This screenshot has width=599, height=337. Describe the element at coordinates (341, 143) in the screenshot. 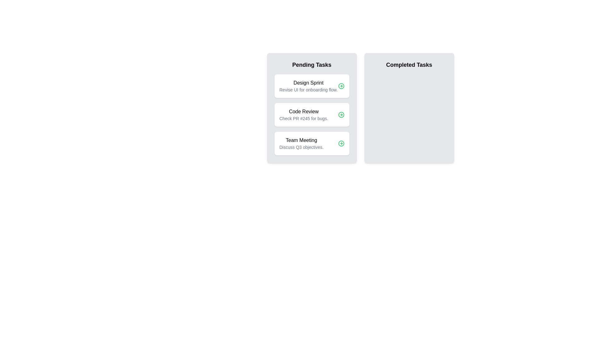

I see `action button for the task 'Team Meeting' to move it between Pending and Completed` at that location.